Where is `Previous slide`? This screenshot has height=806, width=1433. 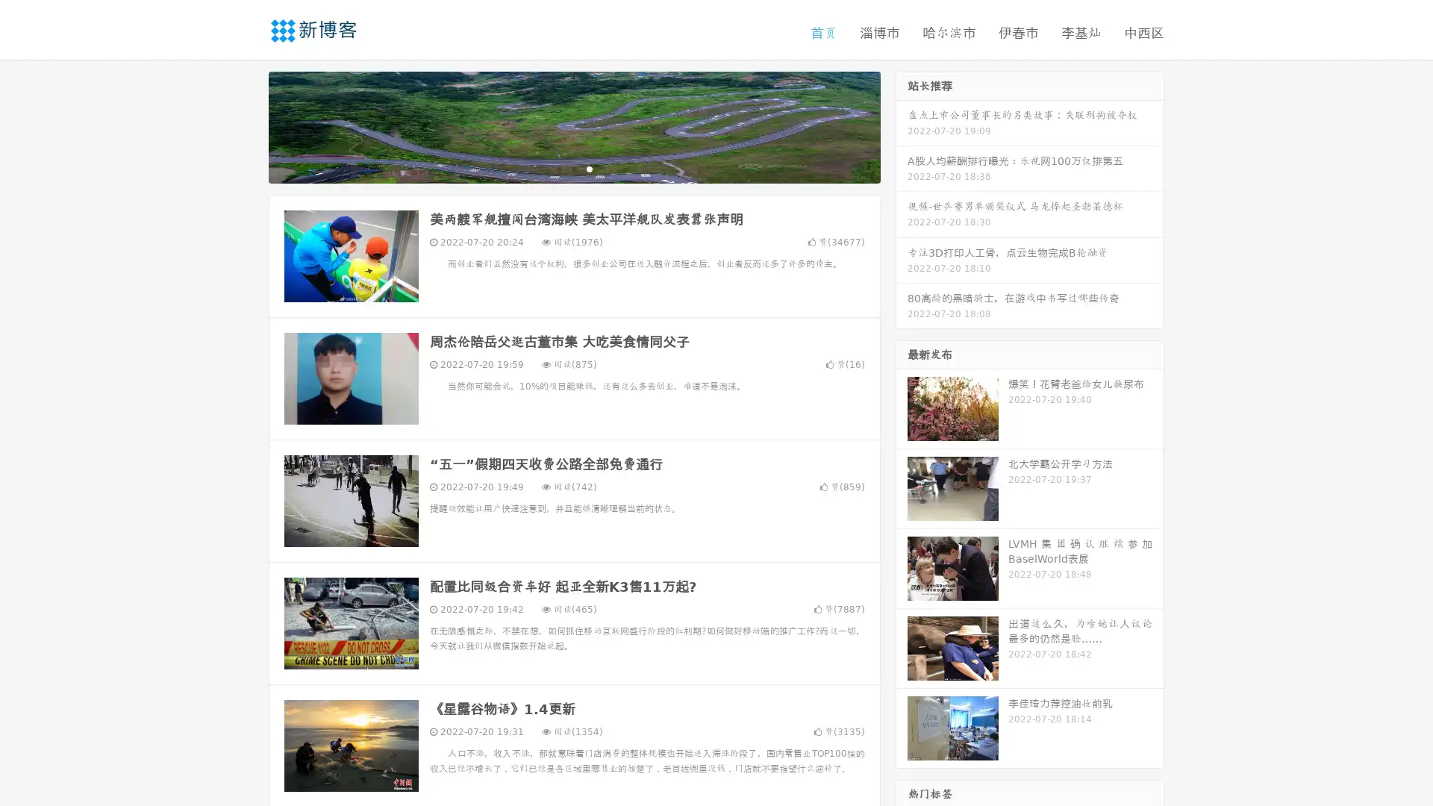 Previous slide is located at coordinates (246, 125).